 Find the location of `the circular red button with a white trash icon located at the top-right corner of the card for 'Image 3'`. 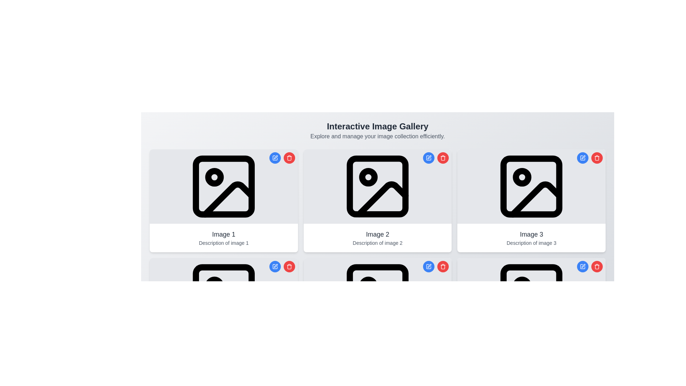

the circular red button with a white trash icon located at the top-right corner of the card for 'Image 3' is located at coordinates (597, 158).